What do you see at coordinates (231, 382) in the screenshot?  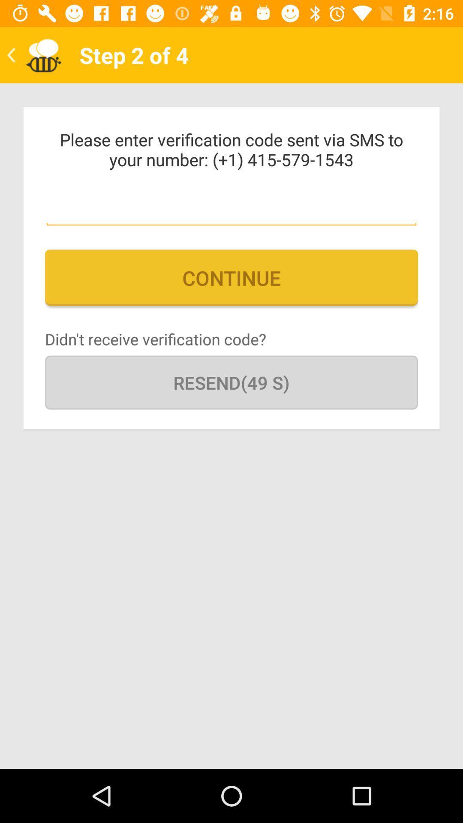 I see `the resend(49 s) icon` at bounding box center [231, 382].